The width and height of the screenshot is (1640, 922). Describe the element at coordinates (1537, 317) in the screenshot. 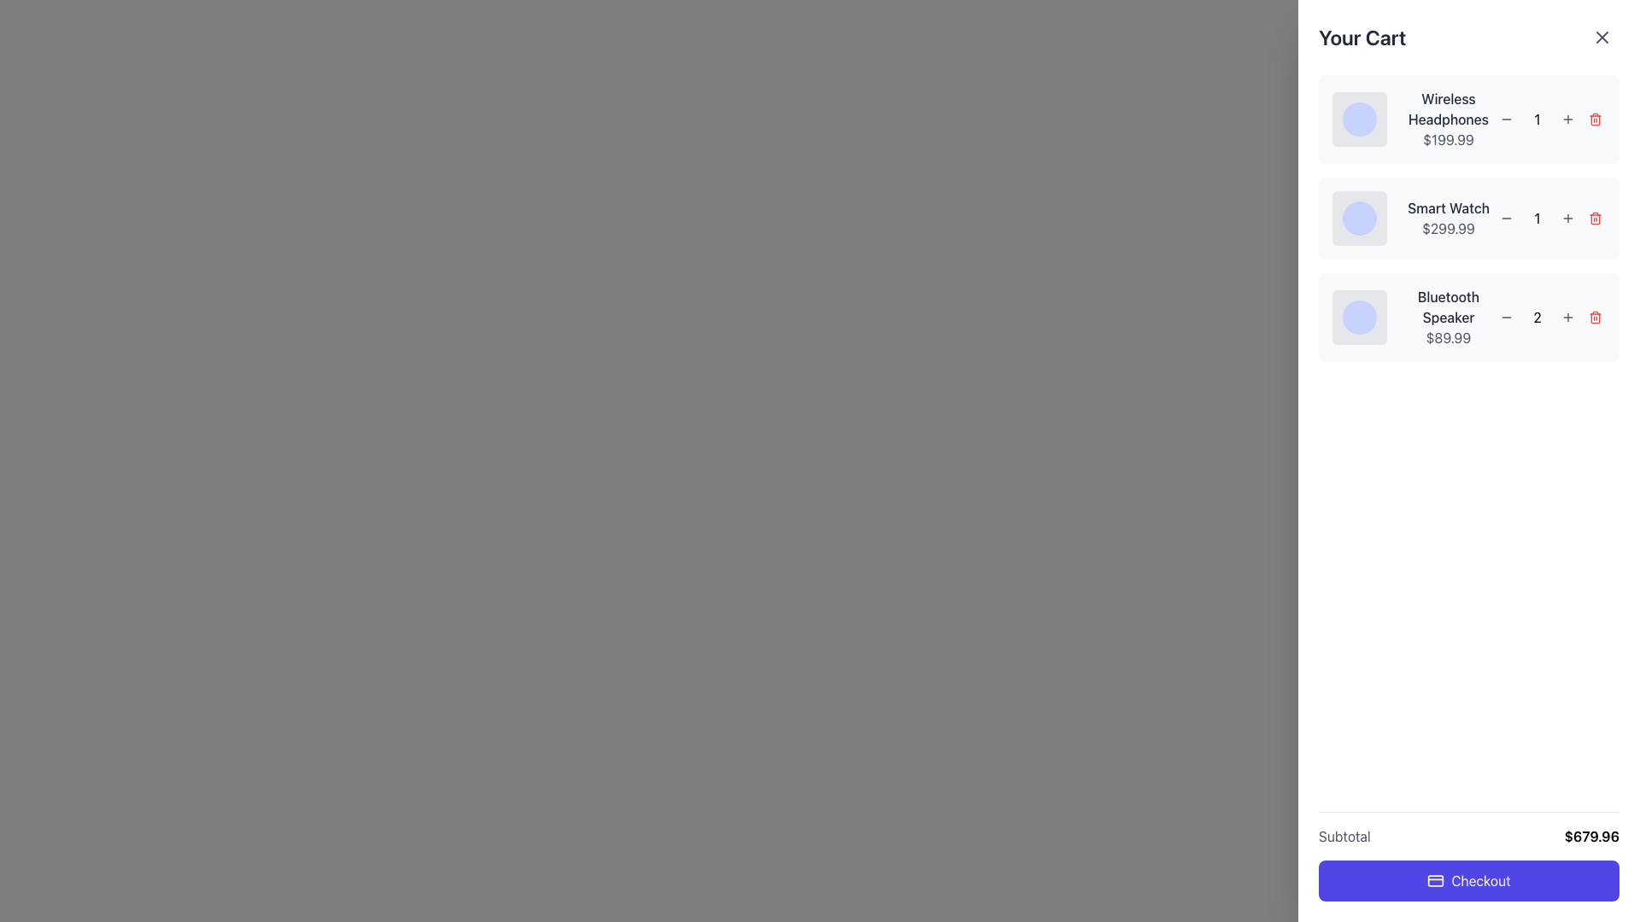

I see `the text element displaying the number '2' within the item control section of the 'Bluetooth Speaker' in the cart interface` at that location.